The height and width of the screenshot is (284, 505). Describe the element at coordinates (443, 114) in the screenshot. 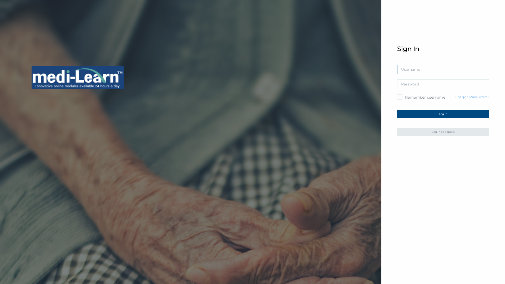

I see `'Log in'` at that location.